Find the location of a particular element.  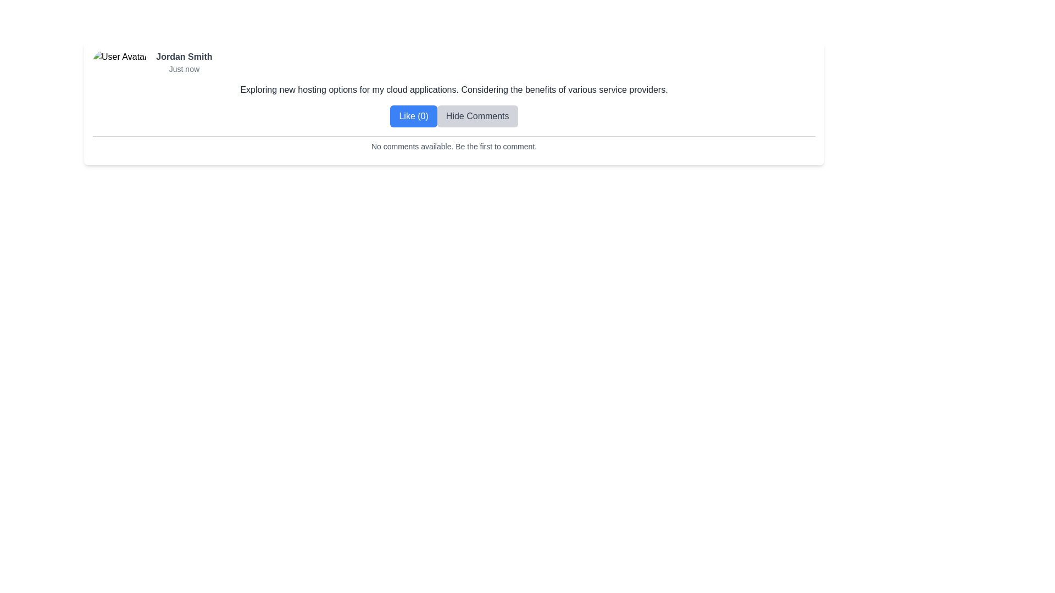

the informational text display indicating the absence of comments and encouraging users to post the first comment, located near the bottom of the section with buttons labeled 'Like (0)' and 'Hide Comments' is located at coordinates (454, 146).